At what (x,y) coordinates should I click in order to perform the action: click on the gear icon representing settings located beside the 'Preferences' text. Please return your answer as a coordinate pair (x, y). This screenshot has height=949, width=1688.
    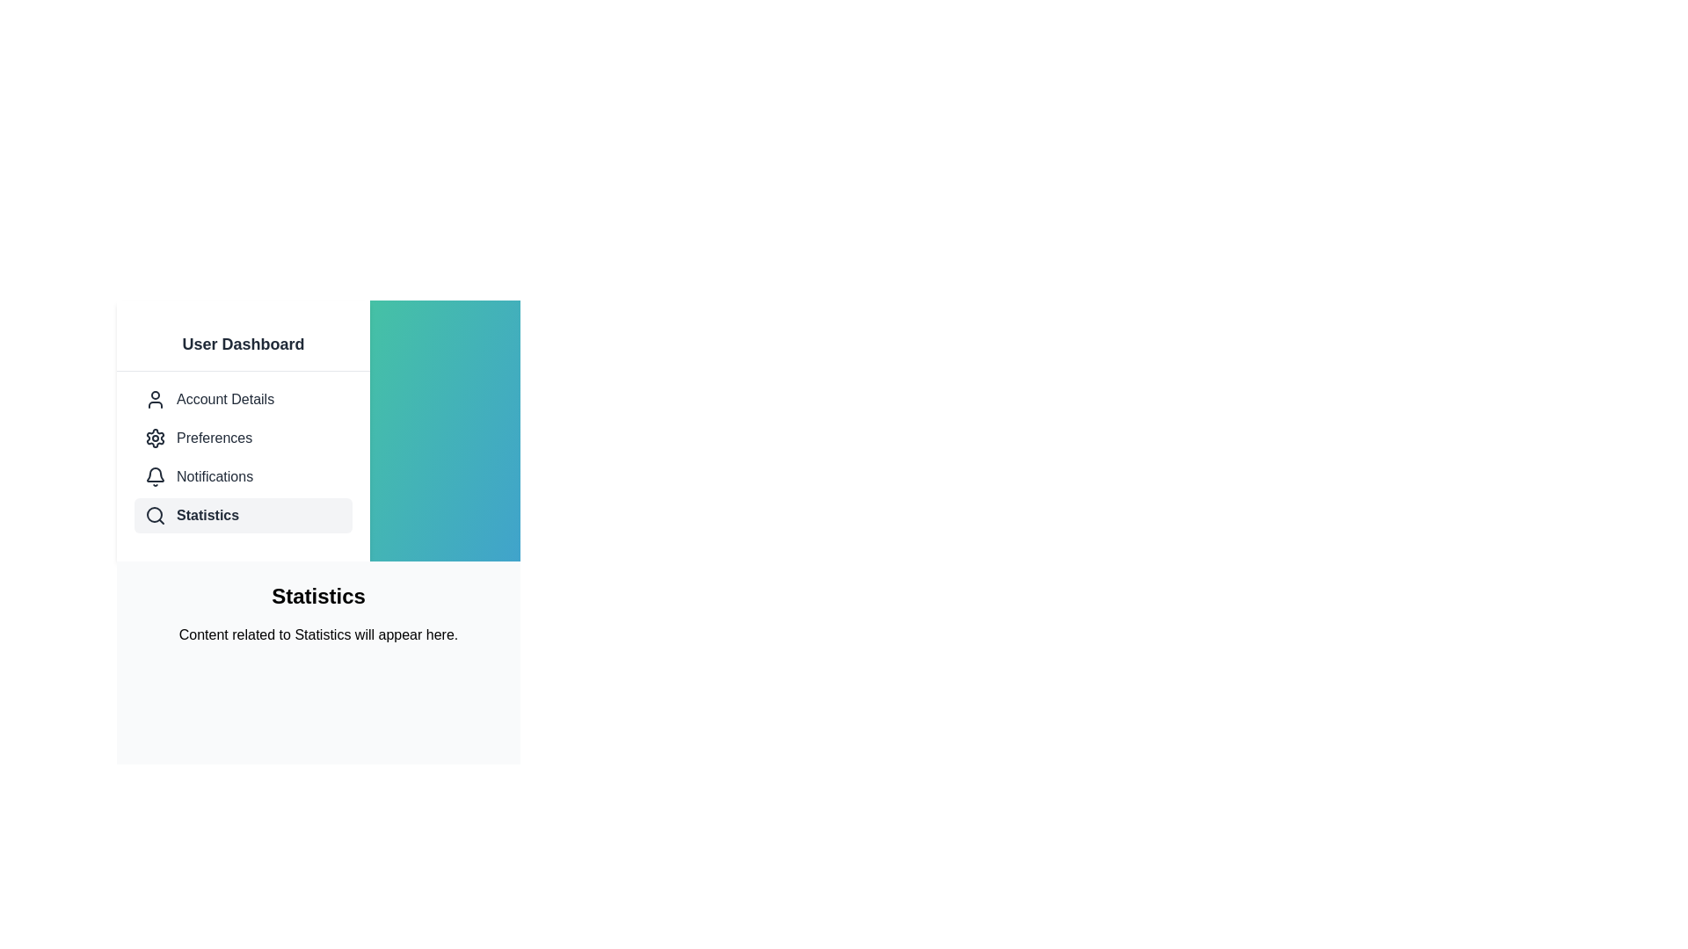
    Looking at the image, I should click on (156, 437).